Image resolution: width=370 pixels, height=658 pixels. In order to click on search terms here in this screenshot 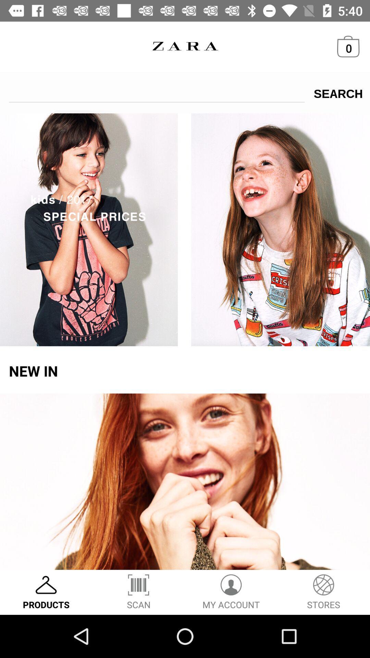, I will do `click(157, 91)`.